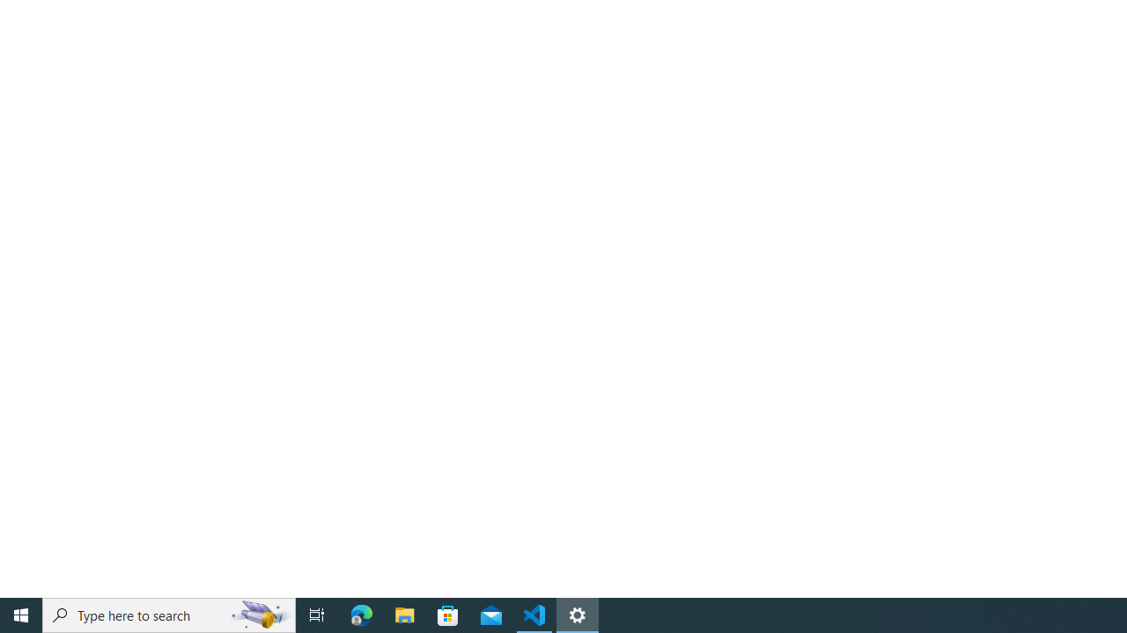 This screenshot has height=633, width=1127. What do you see at coordinates (448, 614) in the screenshot?
I see `'Microsoft Store'` at bounding box center [448, 614].